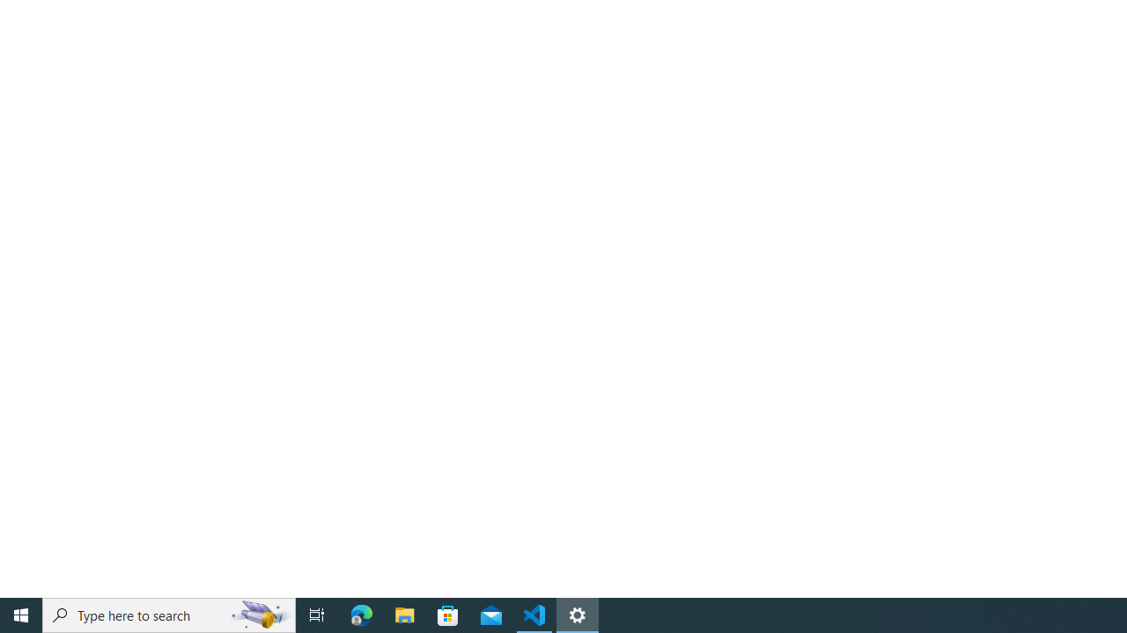 This screenshot has height=633, width=1127. What do you see at coordinates (448, 614) in the screenshot?
I see `'Microsoft Store'` at bounding box center [448, 614].